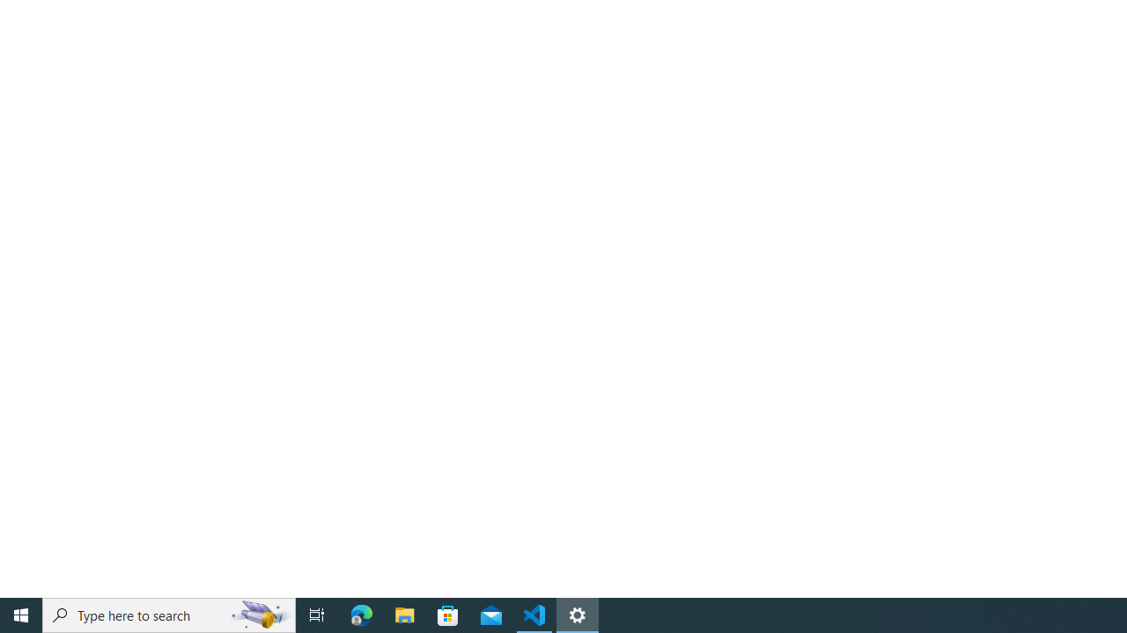 This screenshot has height=633, width=1127. What do you see at coordinates (448, 614) in the screenshot?
I see `'Microsoft Store'` at bounding box center [448, 614].